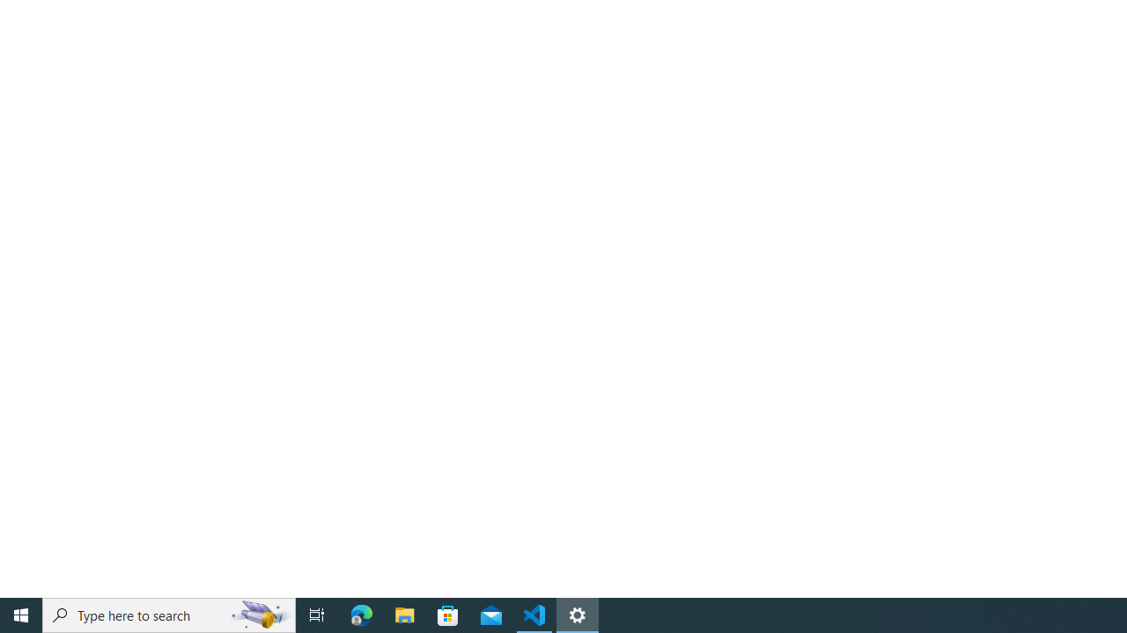 This screenshot has height=633, width=1127. What do you see at coordinates (448, 614) in the screenshot?
I see `'Microsoft Store'` at bounding box center [448, 614].